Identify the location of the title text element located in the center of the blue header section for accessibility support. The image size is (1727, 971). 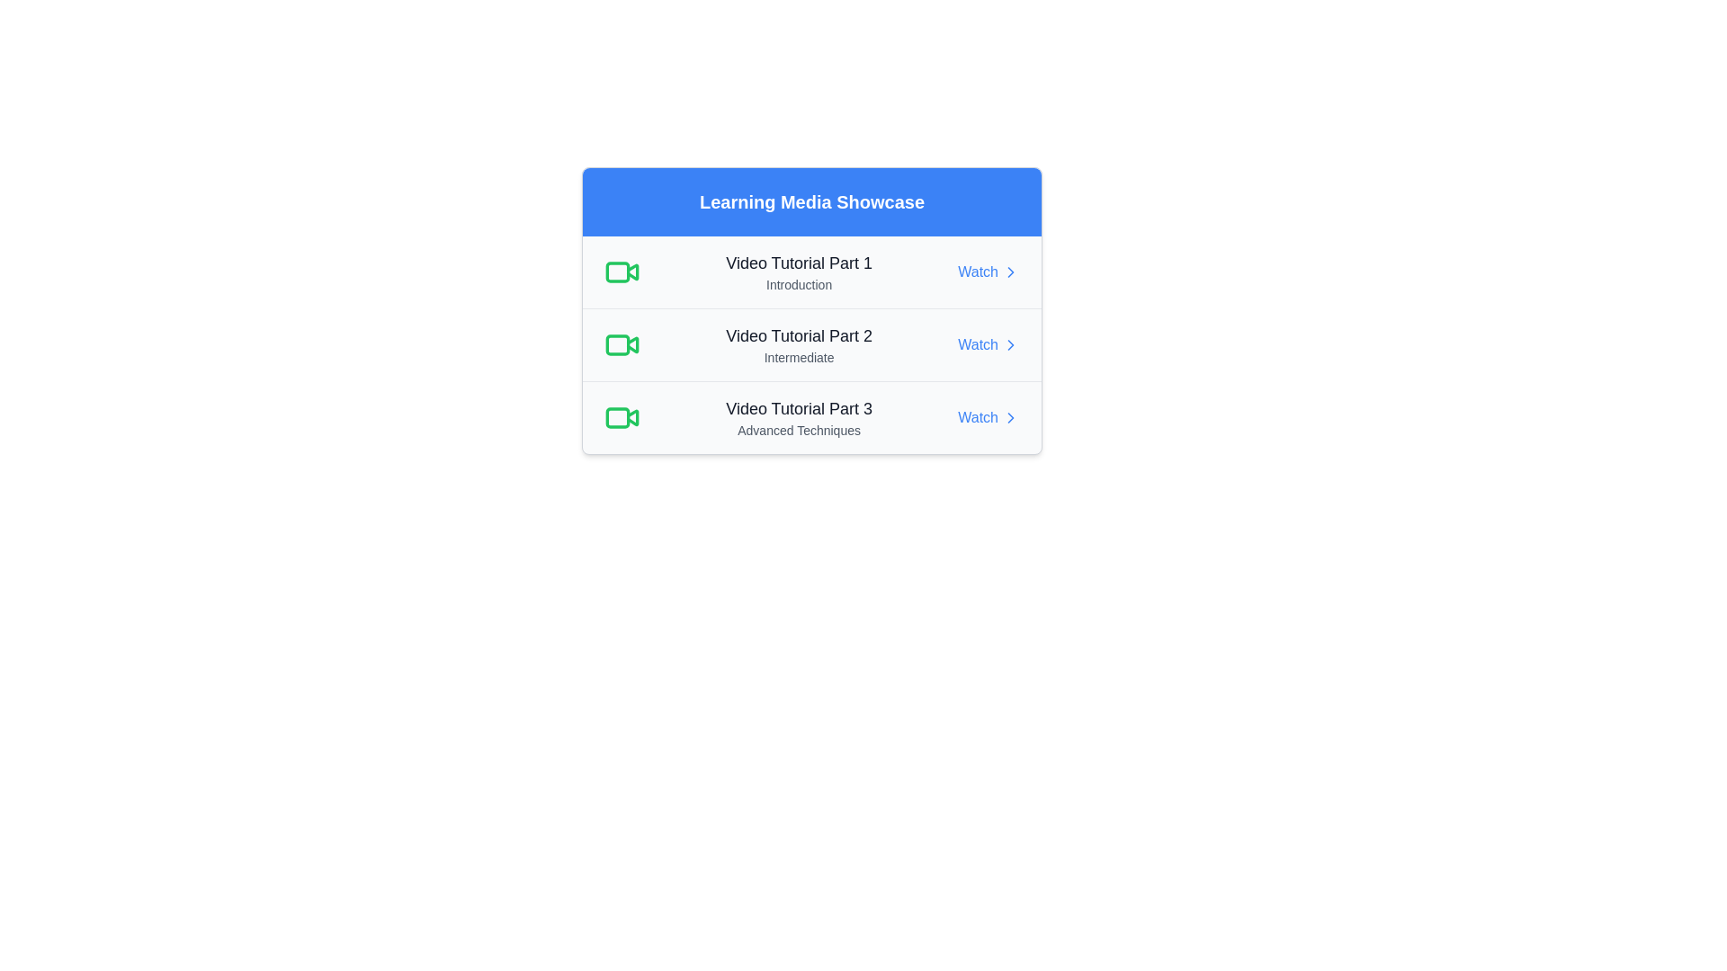
(810, 201).